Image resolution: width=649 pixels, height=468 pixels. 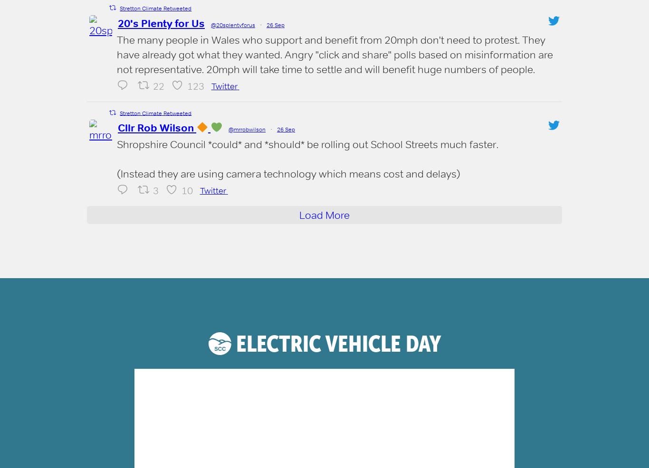 I want to click on 'Shropshire Council *could* and *should* be rolling out School Streets much faster.', so click(x=307, y=144).